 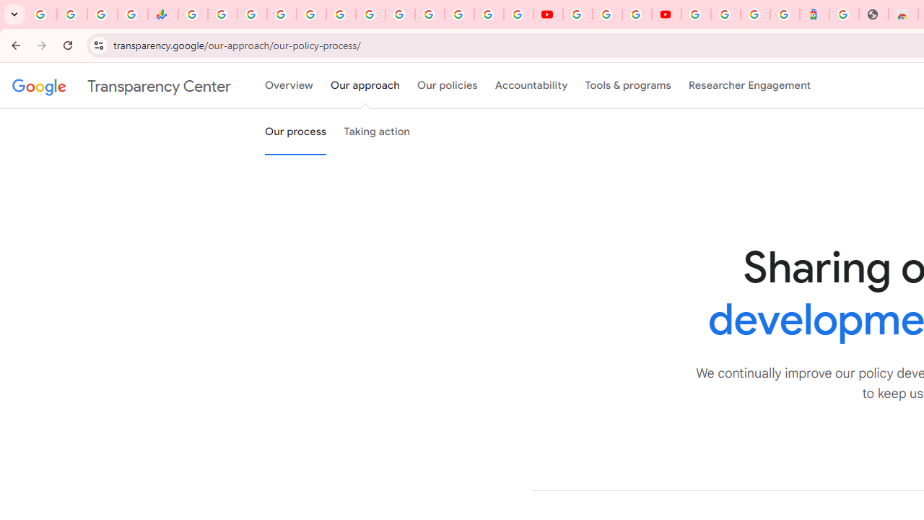 What do you see at coordinates (518, 14) in the screenshot?
I see `'Privacy Checkup'` at bounding box center [518, 14].